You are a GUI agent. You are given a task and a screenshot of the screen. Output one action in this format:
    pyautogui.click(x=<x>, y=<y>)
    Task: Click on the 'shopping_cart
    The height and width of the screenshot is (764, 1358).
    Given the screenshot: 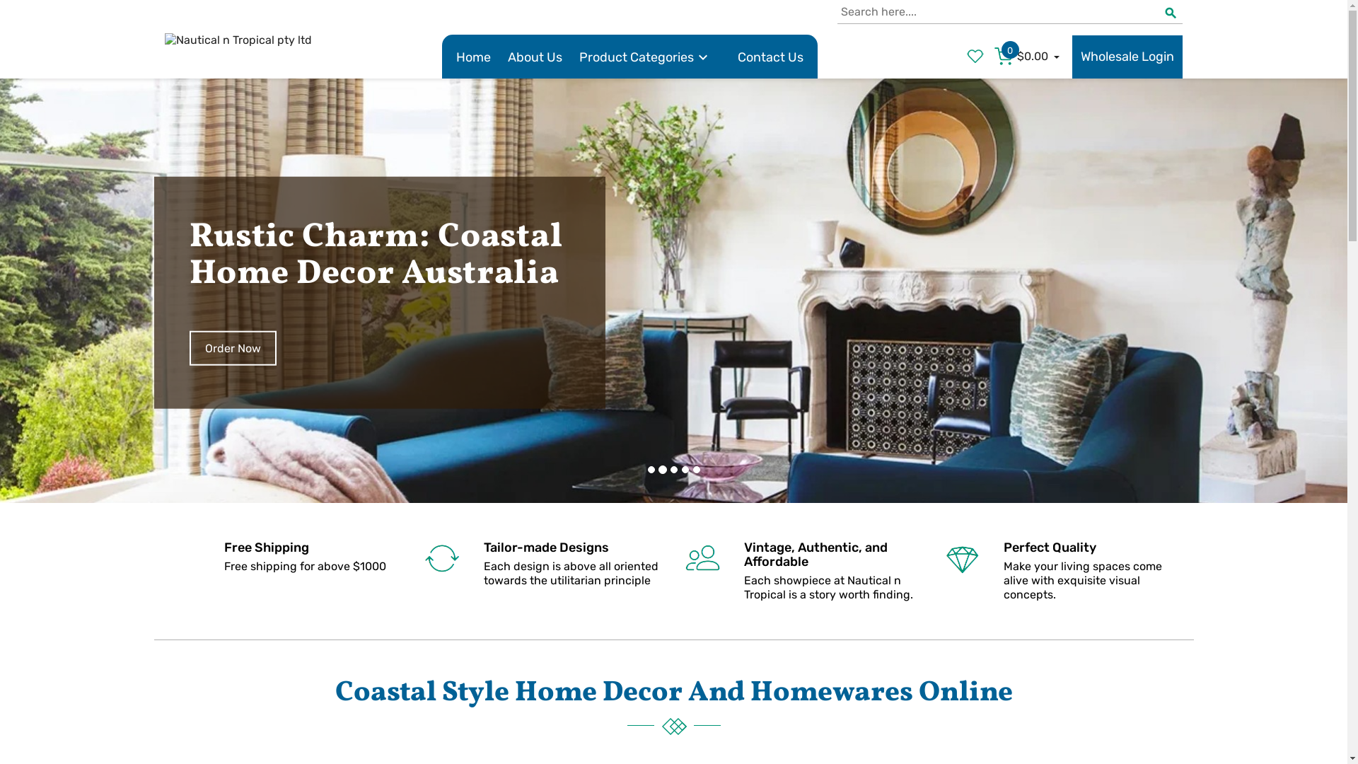 What is the action you would take?
    pyautogui.click(x=1028, y=55)
    